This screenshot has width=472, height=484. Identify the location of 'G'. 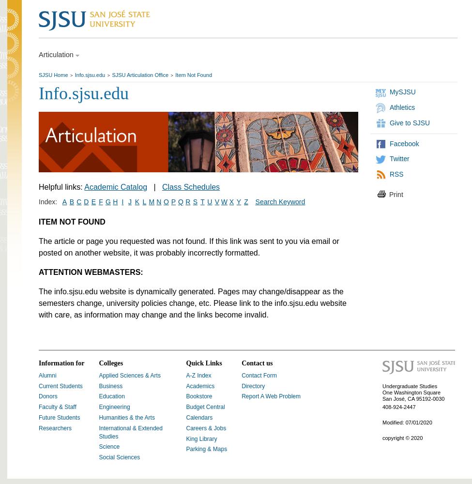
(105, 202).